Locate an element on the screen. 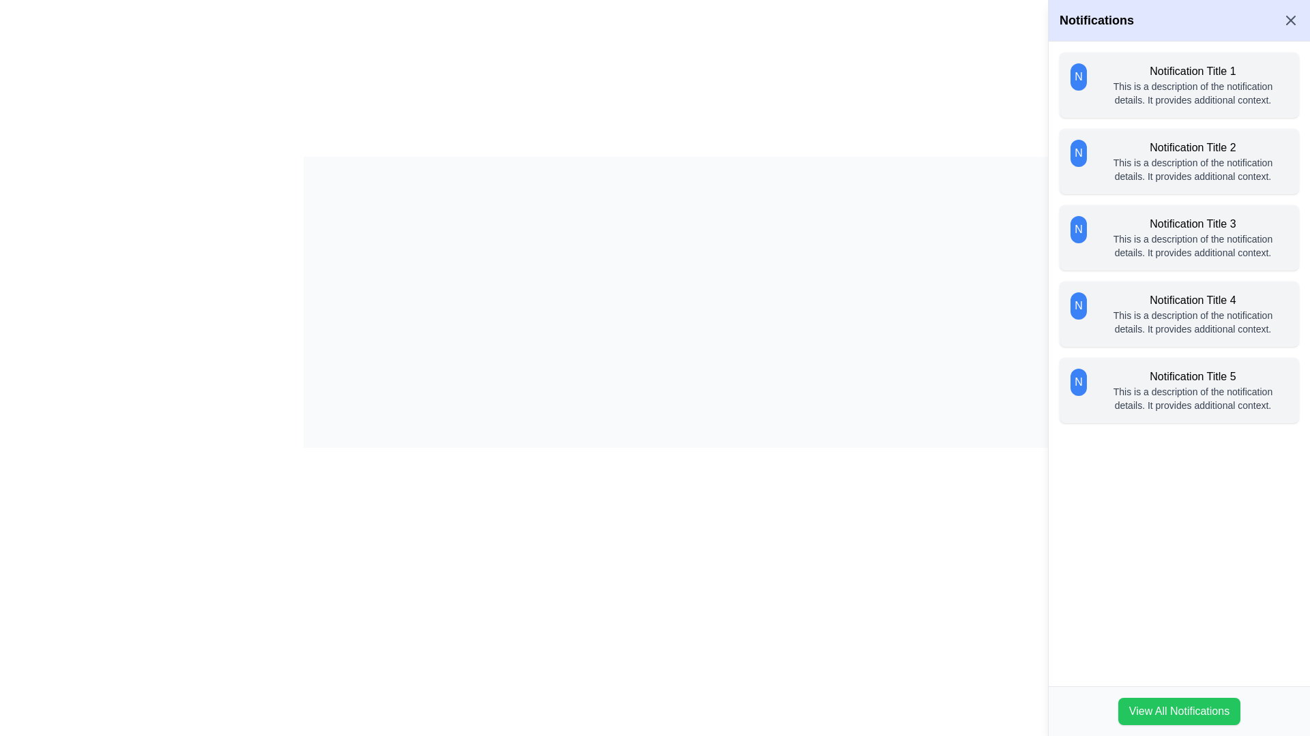 The image size is (1310, 736). the text element displaying the notification details in the third notification item, which reads: 'This is a description of the notification details. It provides additional context.' is located at coordinates (1192, 246).